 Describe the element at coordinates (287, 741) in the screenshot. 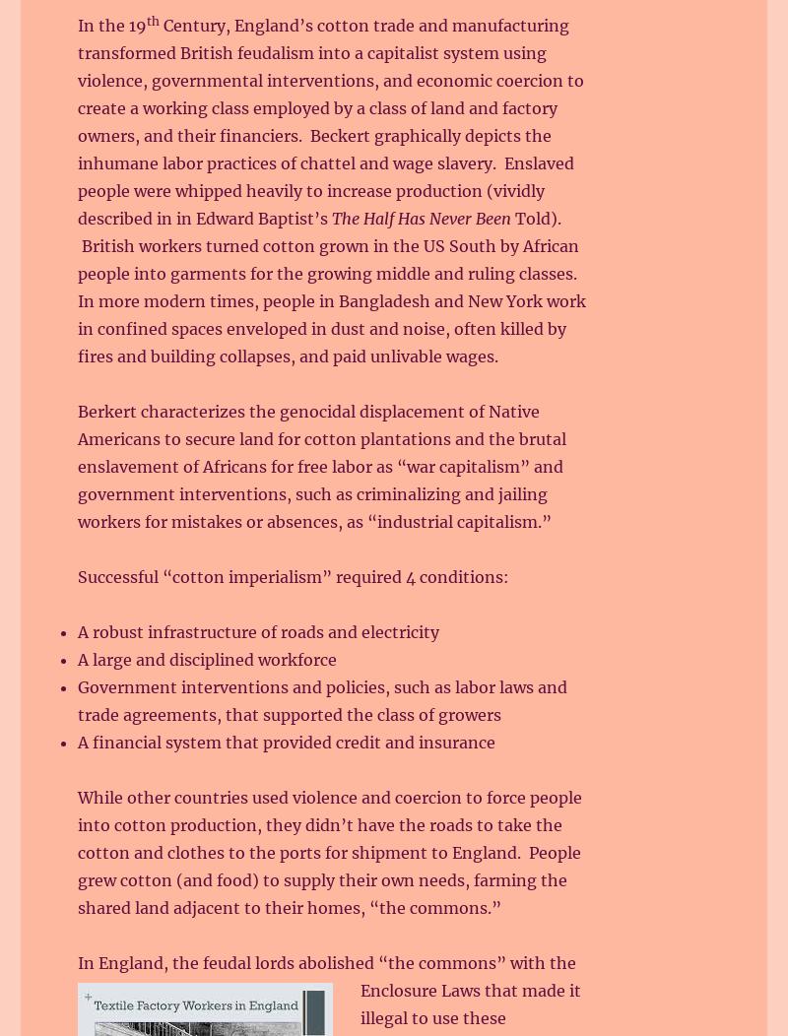

I see `'A financial system that provided credit and insurance'` at that location.